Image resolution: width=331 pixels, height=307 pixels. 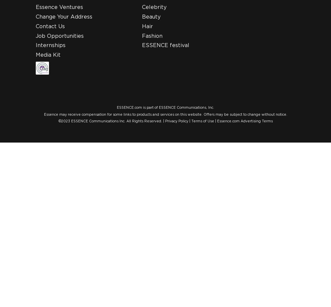 I want to click on 'Media Kit', so click(x=48, y=55).